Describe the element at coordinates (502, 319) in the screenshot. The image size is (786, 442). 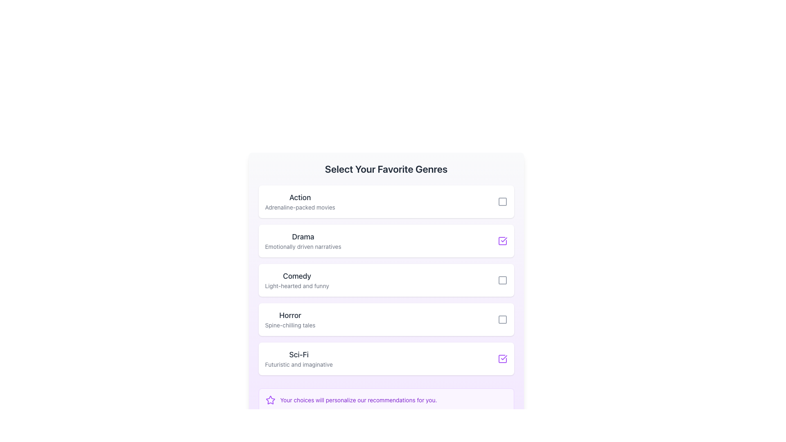
I see `the interactive checkbox for the 'Horror' genre located on the far-right section of the fourth card in the genre selection interface` at that location.